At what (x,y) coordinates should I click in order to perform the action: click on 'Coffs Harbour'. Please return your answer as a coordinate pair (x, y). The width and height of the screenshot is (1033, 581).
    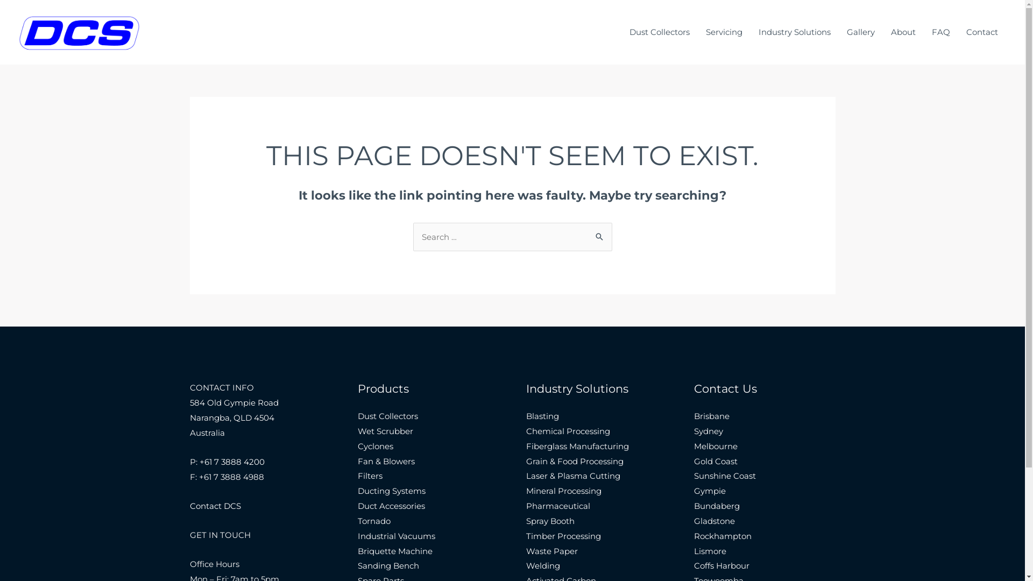
    Looking at the image, I should click on (721, 565).